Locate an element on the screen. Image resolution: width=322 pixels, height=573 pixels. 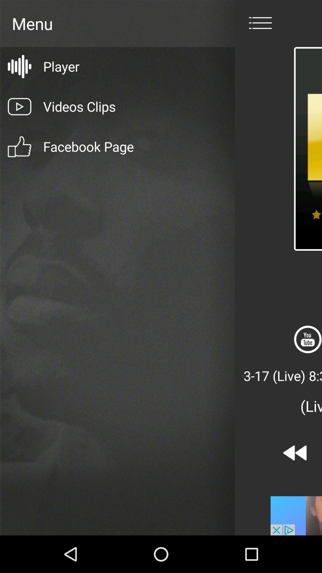
menu page is located at coordinates (260, 23).